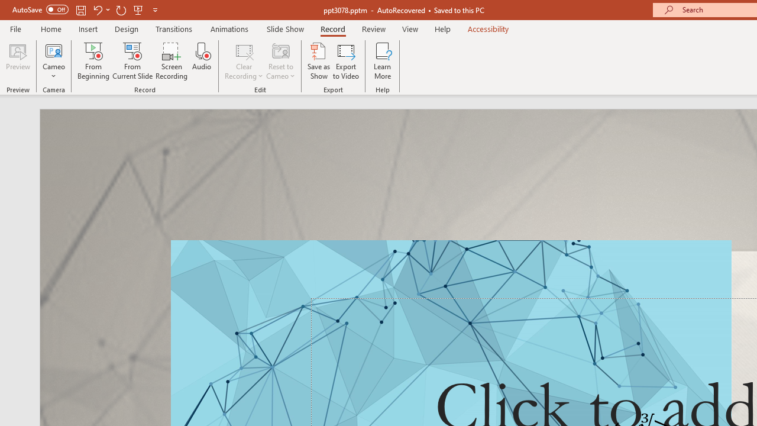 The width and height of the screenshot is (757, 426). What do you see at coordinates (345, 61) in the screenshot?
I see `'Export to Video'` at bounding box center [345, 61].